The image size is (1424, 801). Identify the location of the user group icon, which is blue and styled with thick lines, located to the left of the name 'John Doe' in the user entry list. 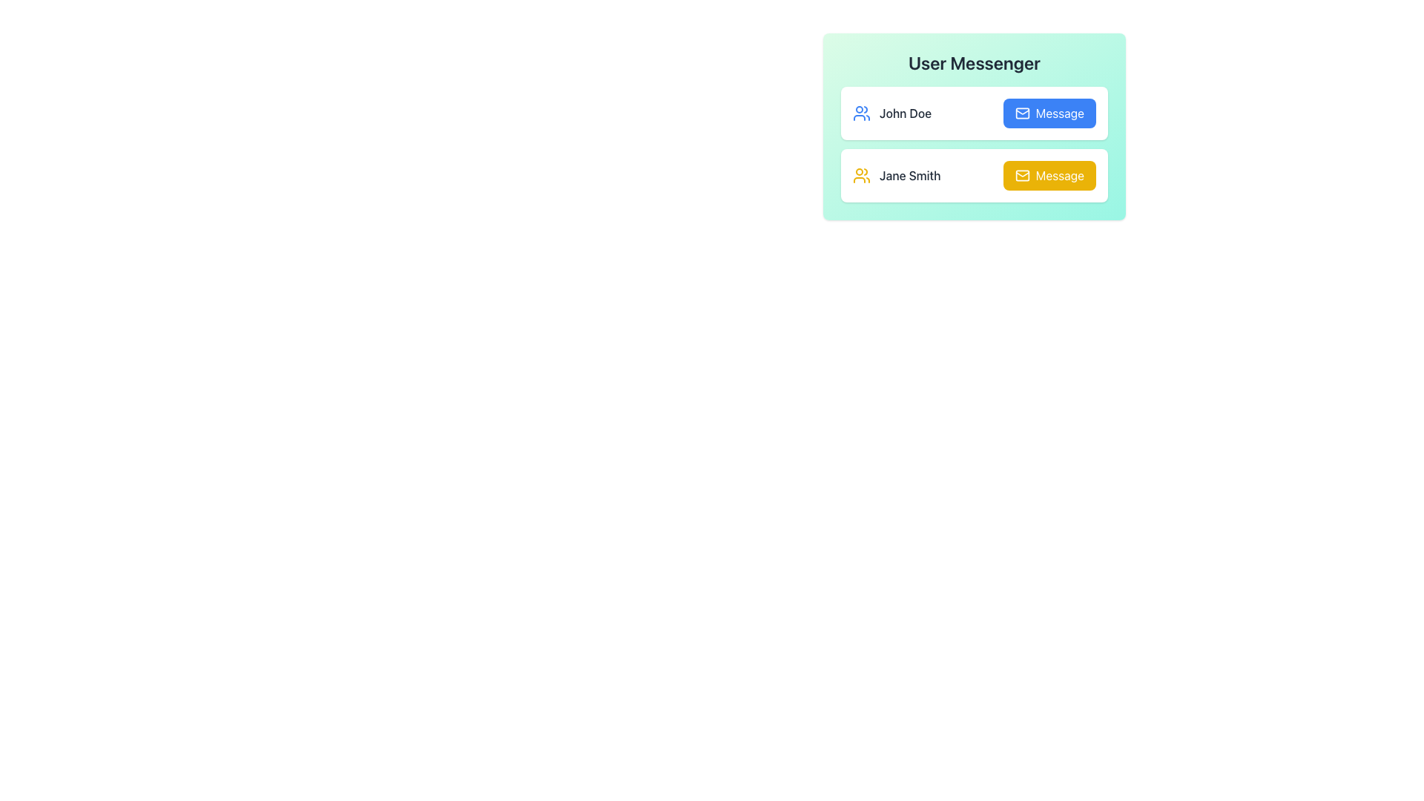
(861, 113).